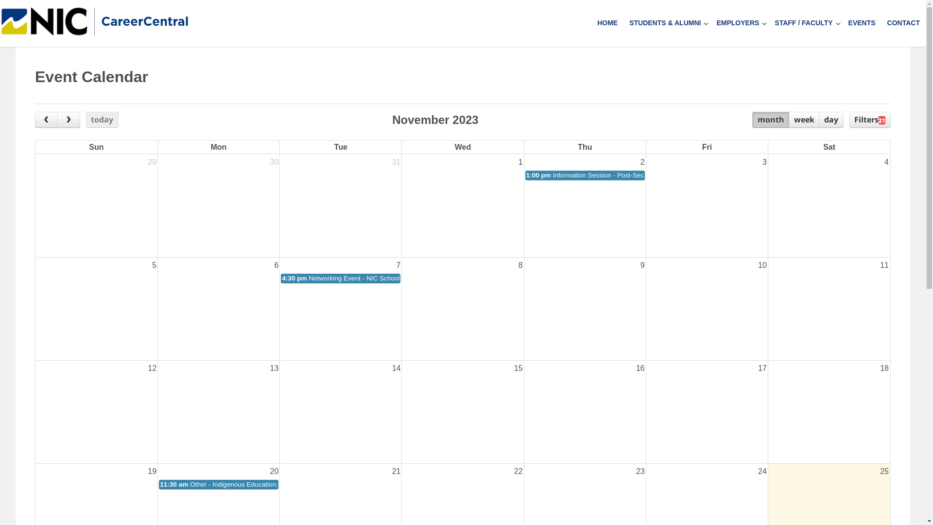 The width and height of the screenshot is (933, 525). Describe the element at coordinates (102, 119) in the screenshot. I see `'today'` at that location.